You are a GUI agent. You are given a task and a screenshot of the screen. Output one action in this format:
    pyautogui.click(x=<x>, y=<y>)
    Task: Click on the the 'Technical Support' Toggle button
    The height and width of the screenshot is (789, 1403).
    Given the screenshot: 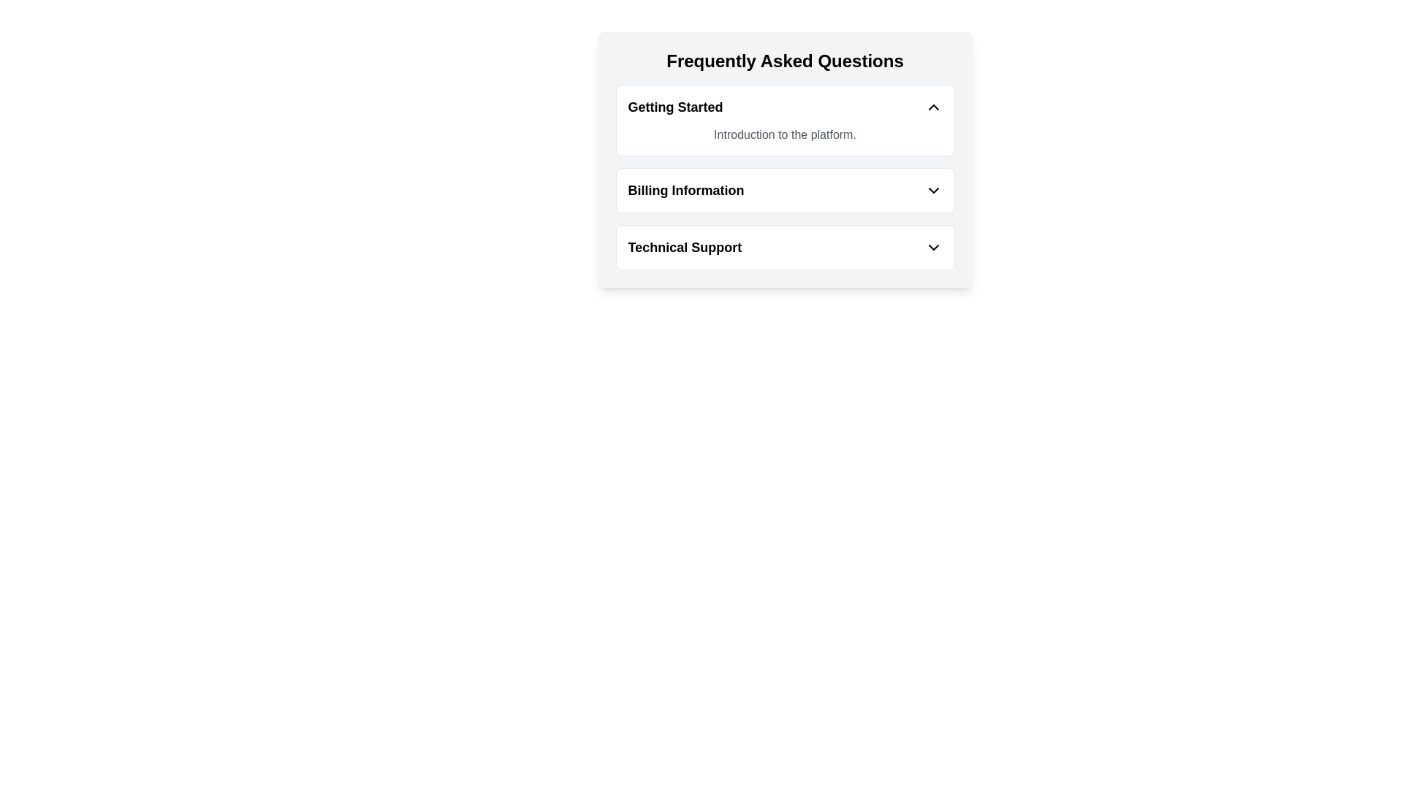 What is the action you would take?
    pyautogui.click(x=784, y=247)
    